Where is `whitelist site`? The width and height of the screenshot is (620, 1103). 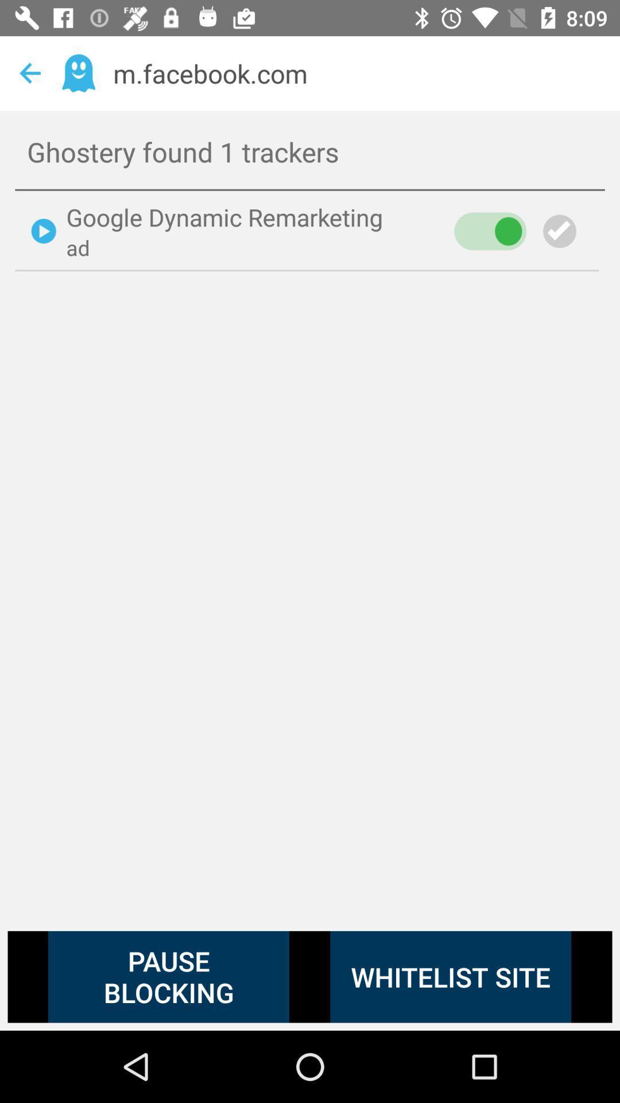
whitelist site is located at coordinates (450, 976).